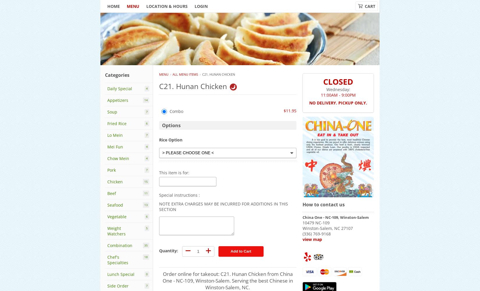  Describe the element at coordinates (168, 250) in the screenshot. I see `'Quantity:'` at that location.